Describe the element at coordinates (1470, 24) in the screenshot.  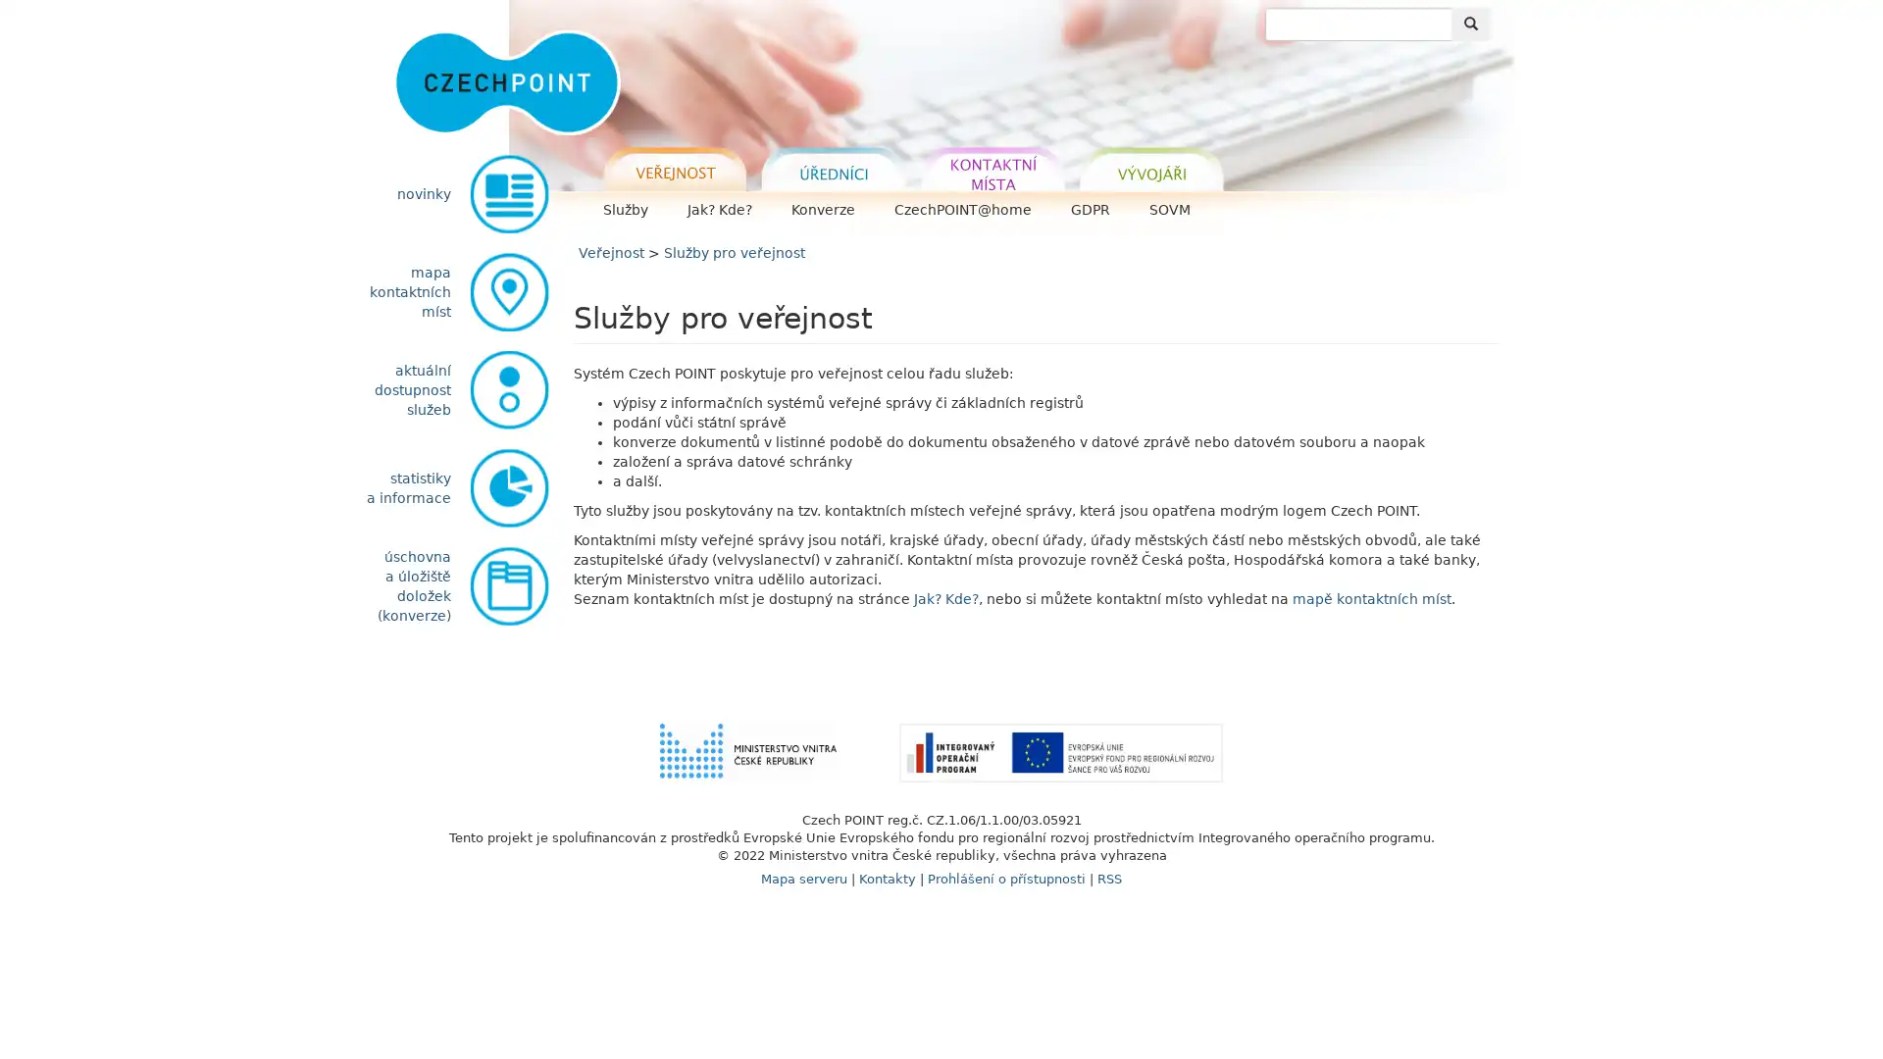
I see `Odeslat` at that location.